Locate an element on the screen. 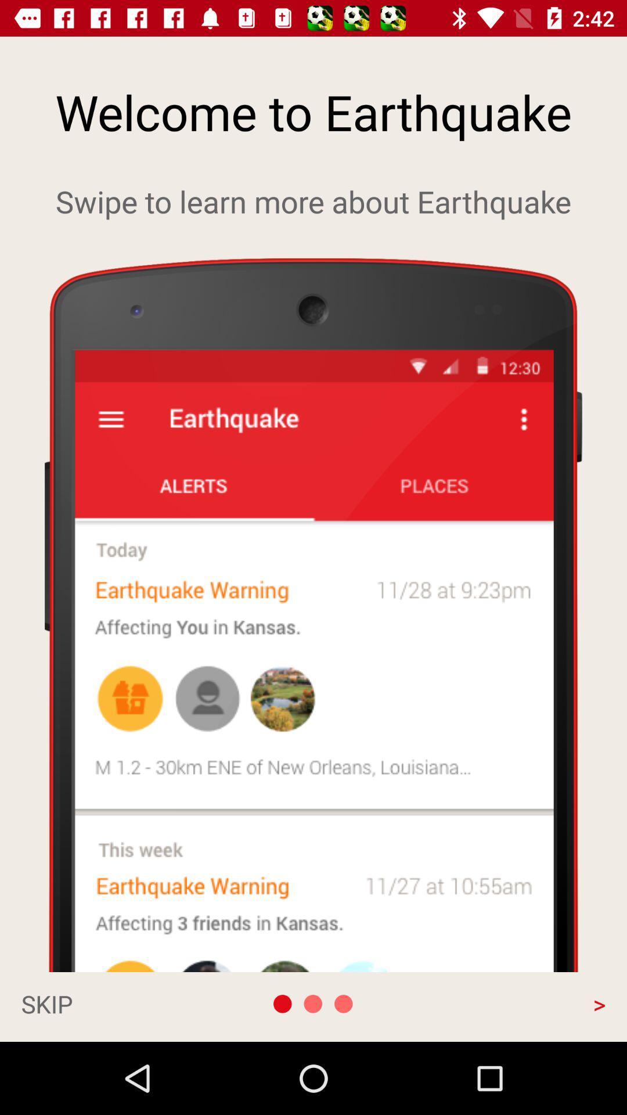 The image size is (627, 1115). > app is located at coordinates (517, 1003).